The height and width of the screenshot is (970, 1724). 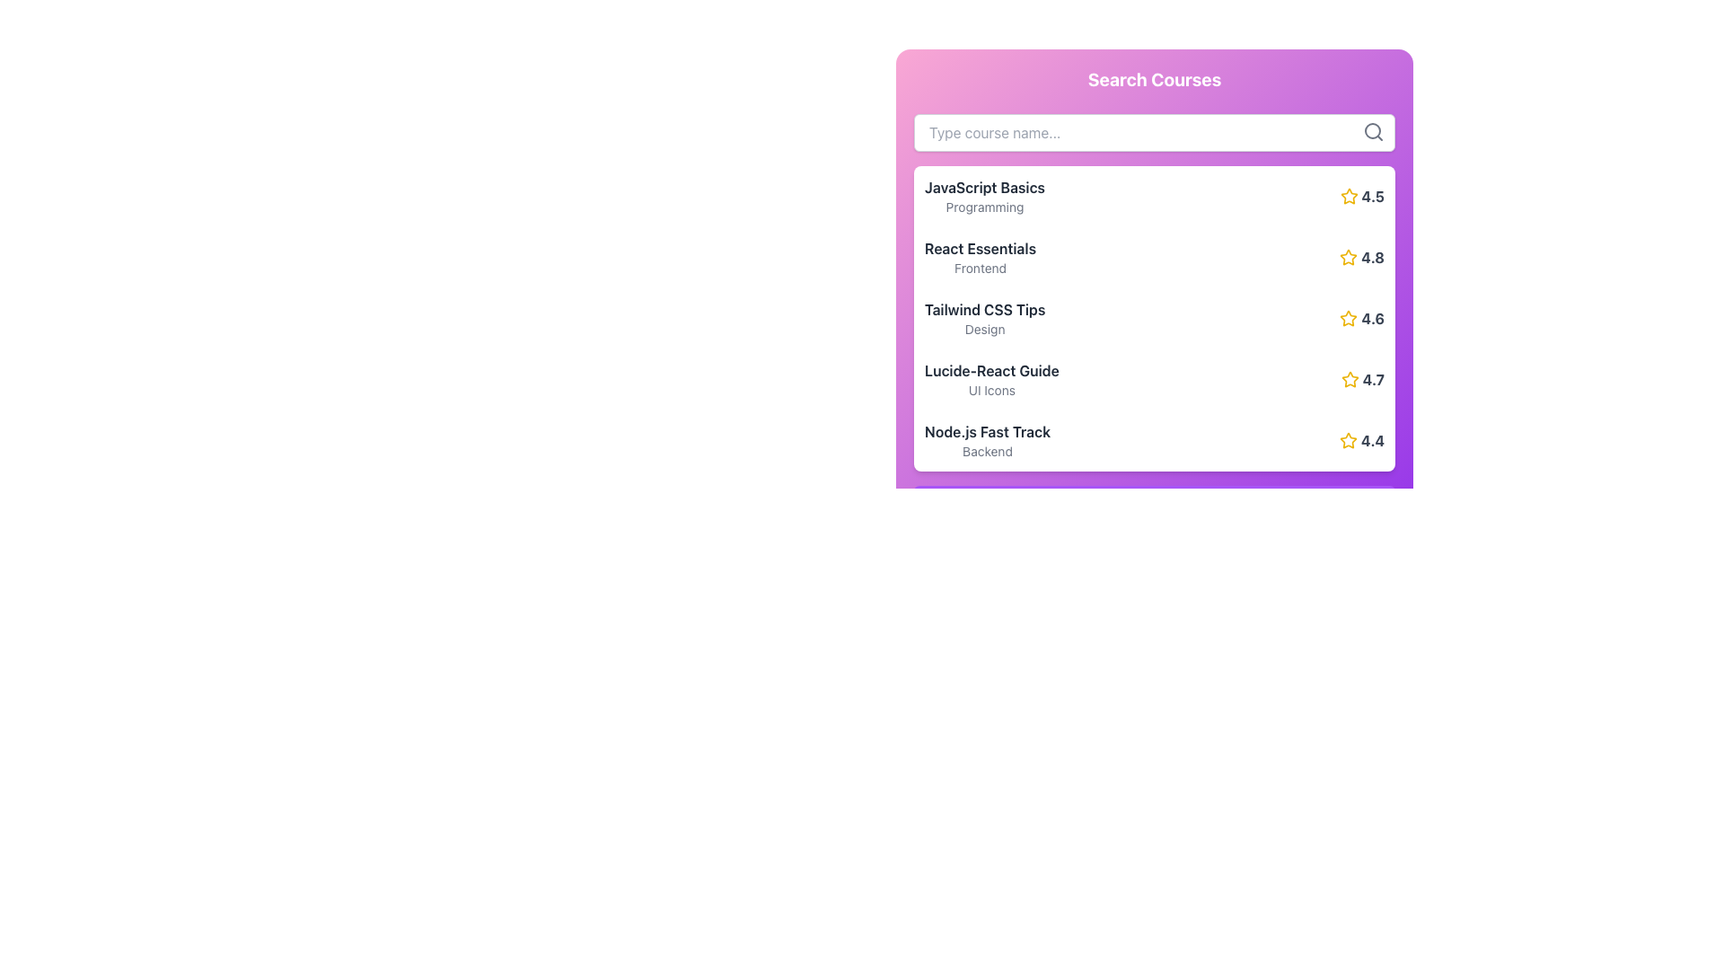 I want to click on the numeric value or star icon of the rating display for the course 'Tailwind CSS Tips', which is located at the rightmost part of the corresponding list item, so click(x=1362, y=317).